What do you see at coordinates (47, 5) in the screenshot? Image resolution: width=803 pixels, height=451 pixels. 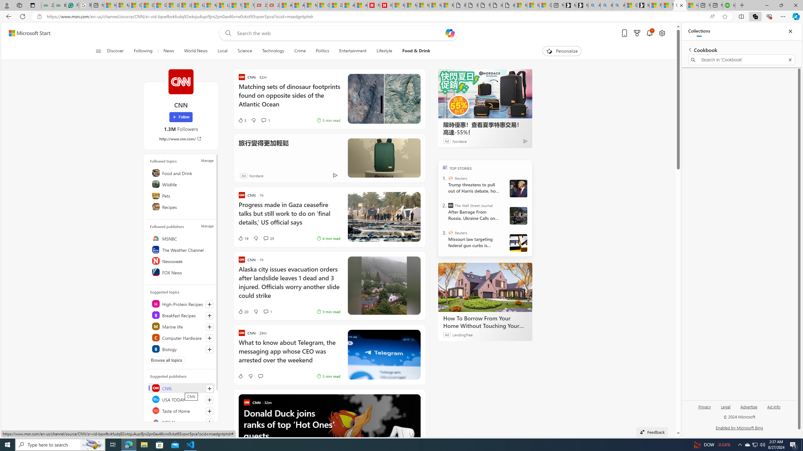 I see `'25 Basic Linux Commands For Beginners - GeeksforGeeks'` at bounding box center [47, 5].